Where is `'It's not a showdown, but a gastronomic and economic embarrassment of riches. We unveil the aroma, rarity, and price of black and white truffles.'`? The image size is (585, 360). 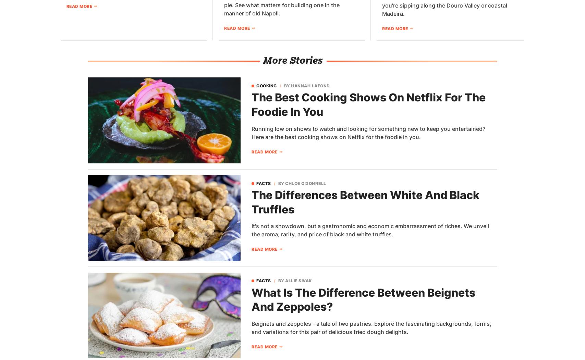 'It's not a showdown, but a gastronomic and economic embarrassment of riches. We unveil the aroma, rarity, and price of black and white truffles.' is located at coordinates (370, 230).